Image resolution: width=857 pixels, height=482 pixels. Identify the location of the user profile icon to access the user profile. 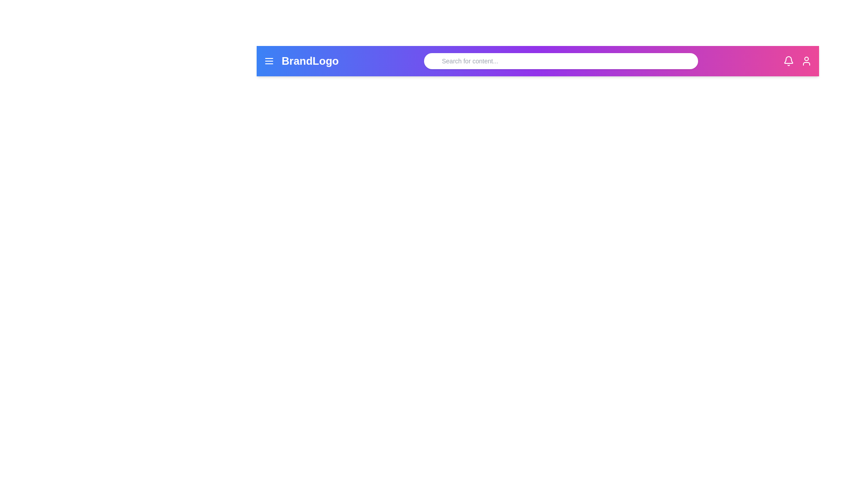
(806, 61).